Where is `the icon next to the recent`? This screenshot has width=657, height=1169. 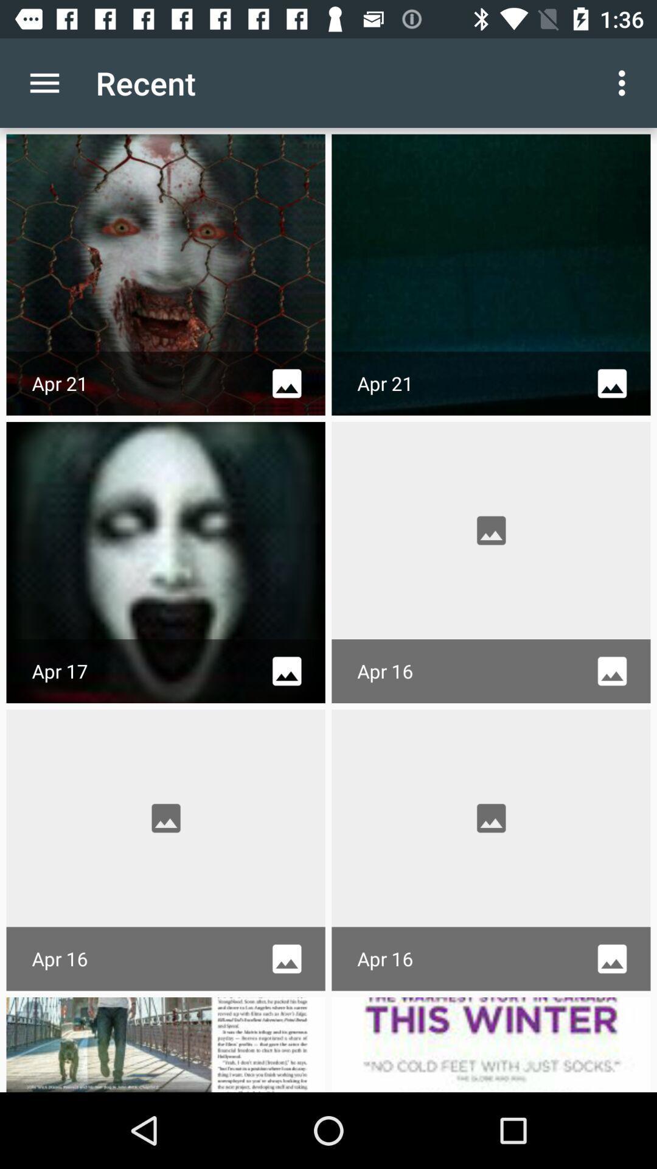
the icon next to the recent is located at coordinates (44, 82).